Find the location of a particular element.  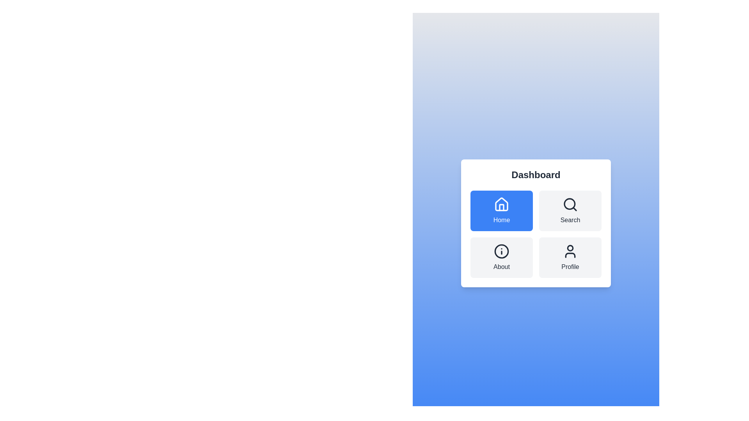

the search button located in the grid layout under the 'Dashboard' header, which is the second item in the top row to the right of the 'Home' element is located at coordinates (570, 210).